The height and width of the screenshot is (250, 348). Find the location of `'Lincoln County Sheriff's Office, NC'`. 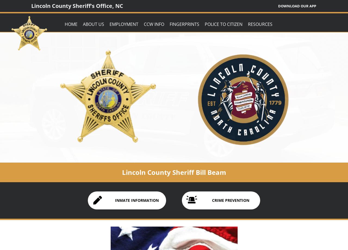

'Lincoln County Sheriff's Office, NC' is located at coordinates (77, 6).